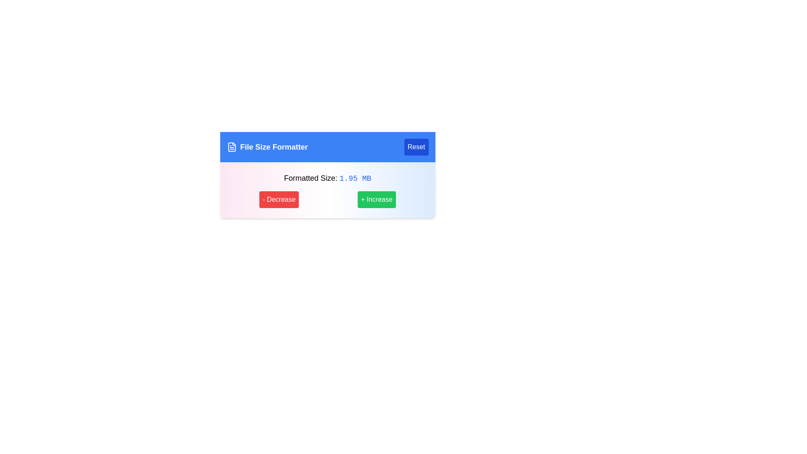 This screenshot has width=807, height=454. What do you see at coordinates (279, 199) in the screenshot?
I see `the red '- Decrease' button with white text to observe the hover effect` at bounding box center [279, 199].